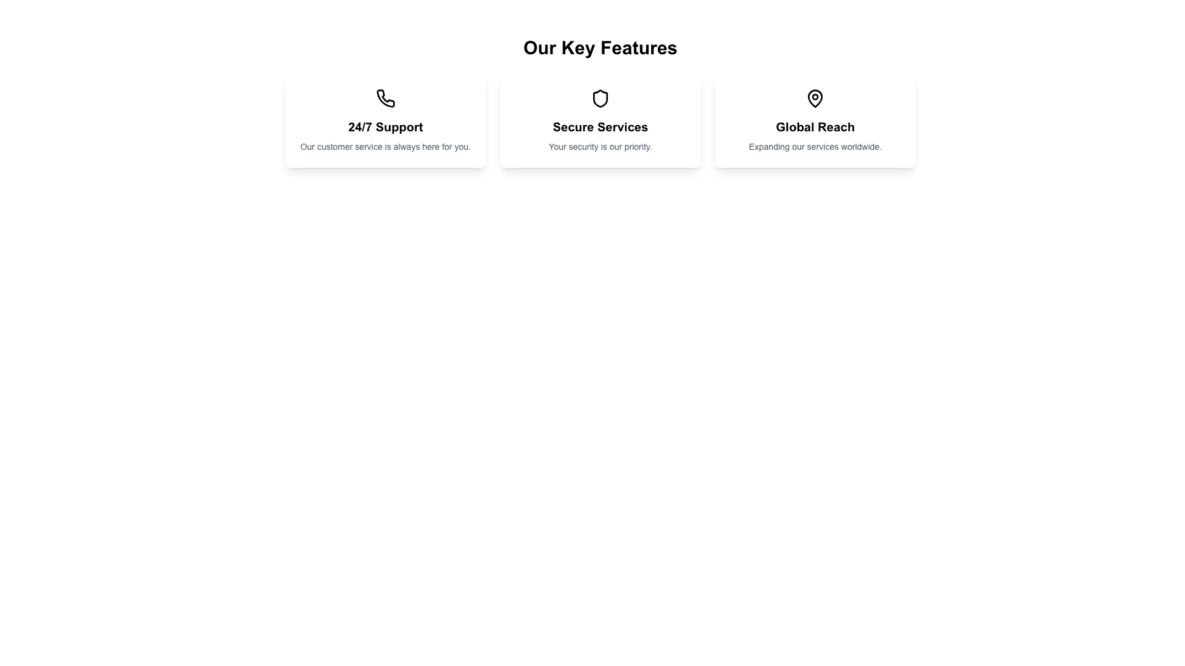 The width and height of the screenshot is (1185, 666). I want to click on the Informational Card that indicates 24/7 support, which is the first element in a horizontal row within a grid layout, so click(385, 121).